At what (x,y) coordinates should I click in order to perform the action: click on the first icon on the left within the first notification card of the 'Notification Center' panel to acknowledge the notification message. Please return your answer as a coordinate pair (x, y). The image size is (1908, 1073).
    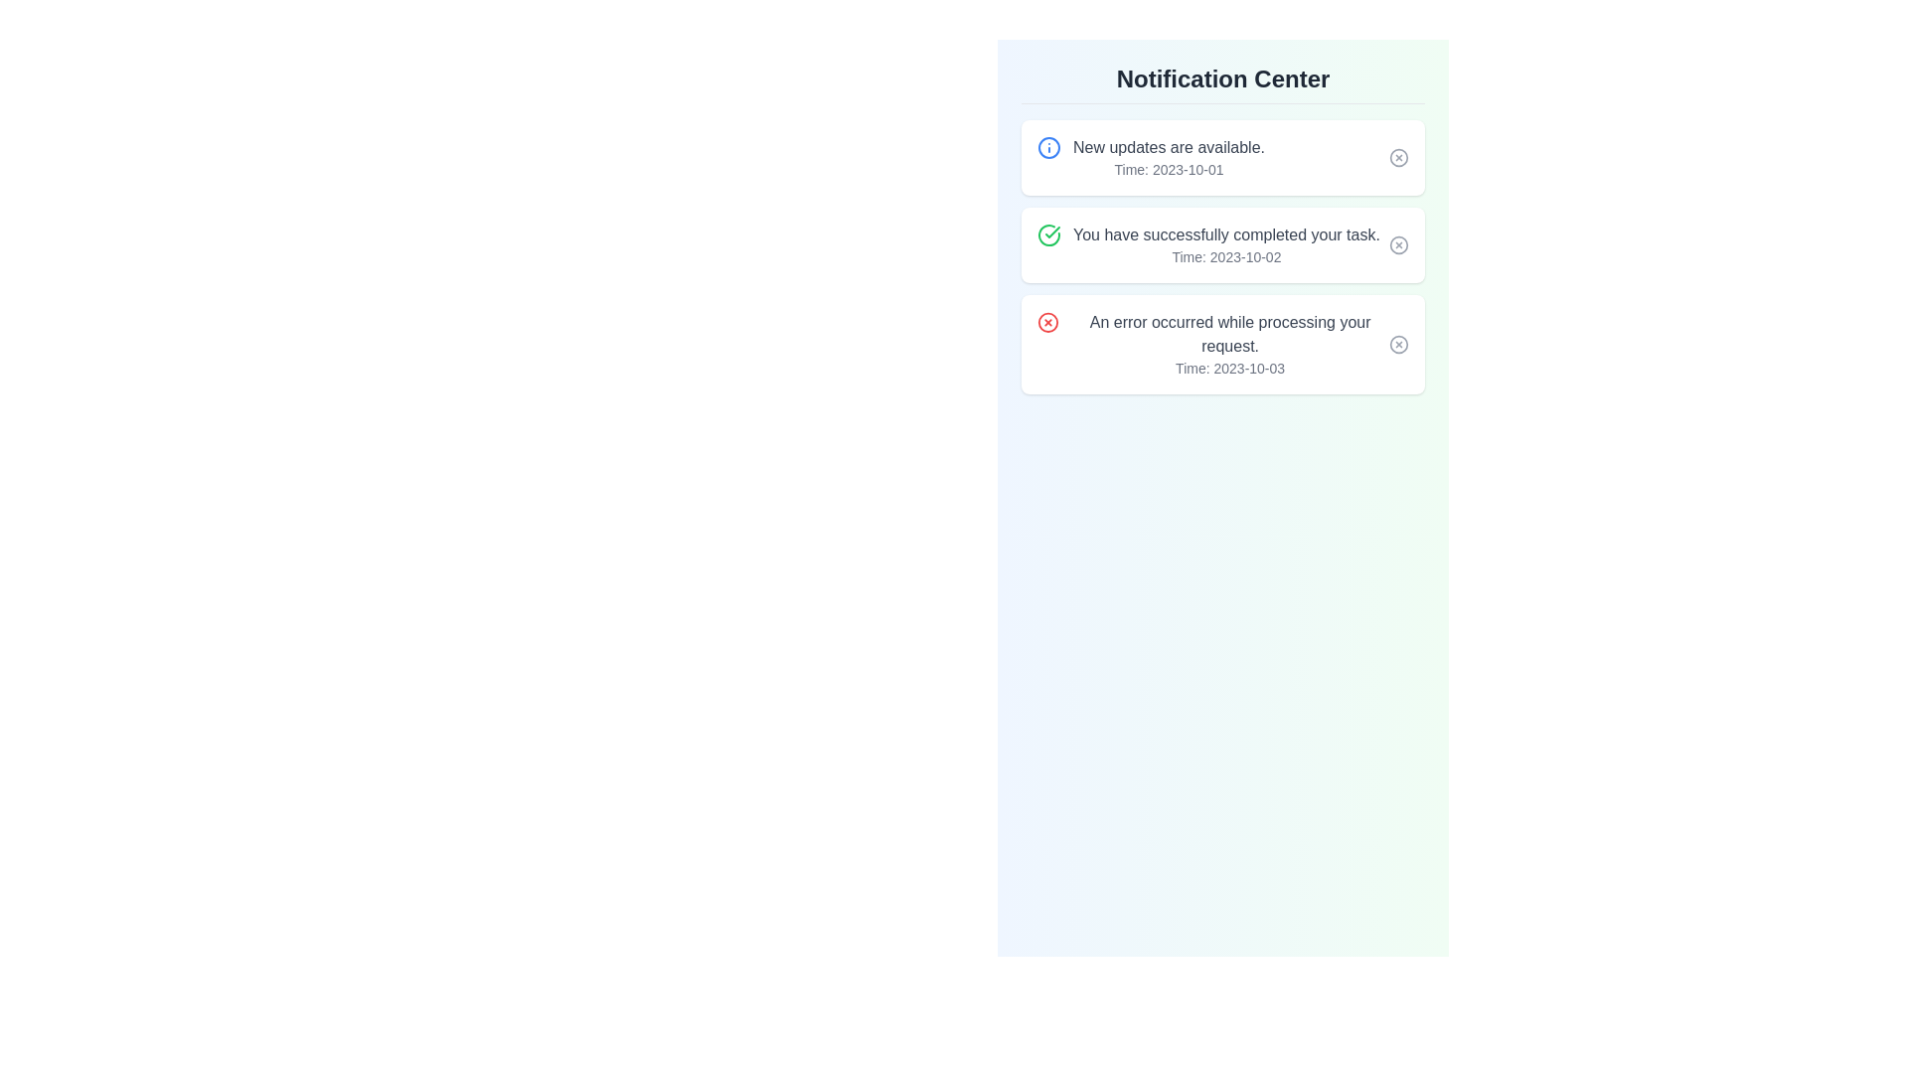
    Looking at the image, I should click on (1048, 147).